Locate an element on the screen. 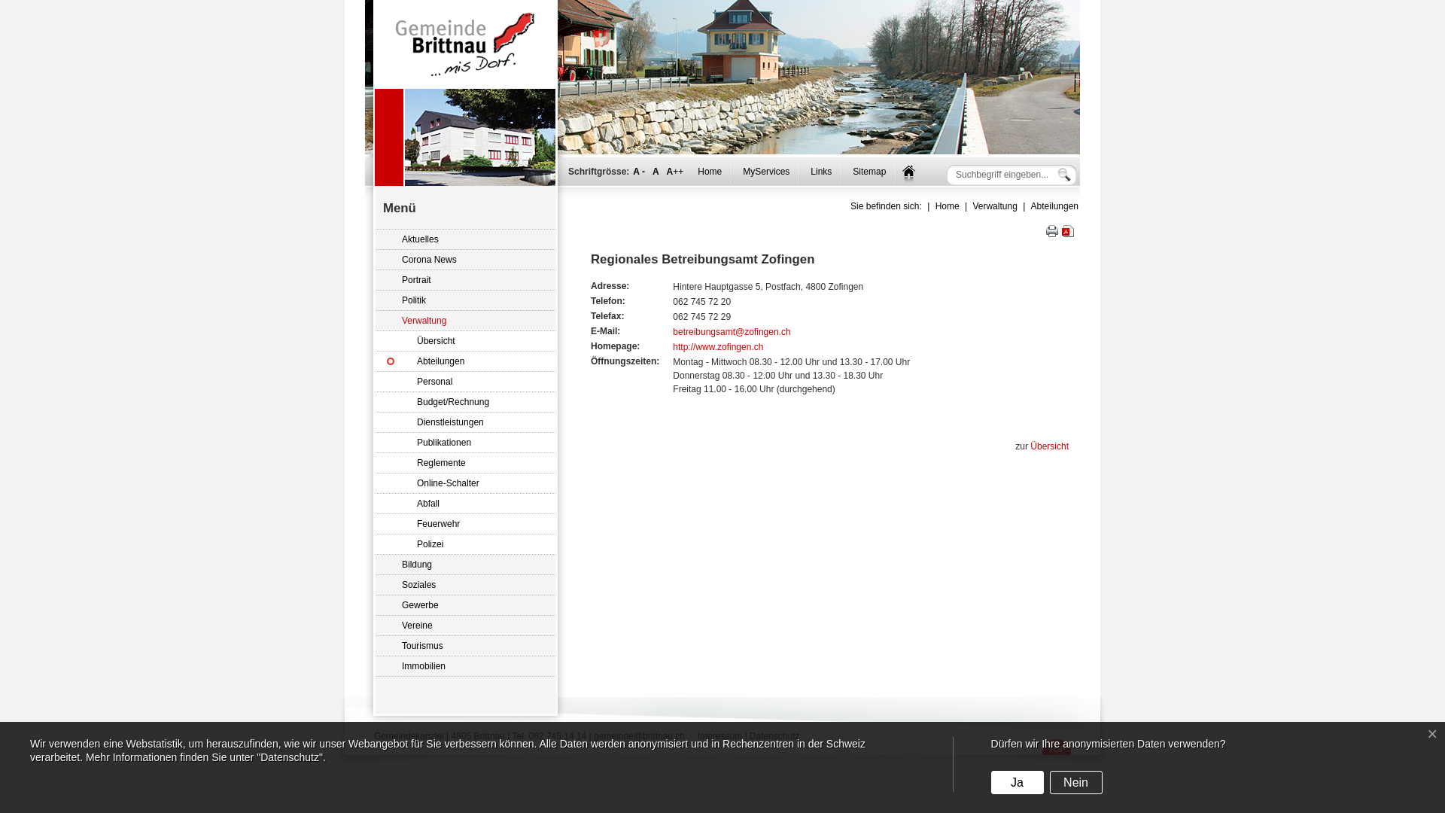 The height and width of the screenshot is (813, 1445). 'Aktuelles' is located at coordinates (464, 239).